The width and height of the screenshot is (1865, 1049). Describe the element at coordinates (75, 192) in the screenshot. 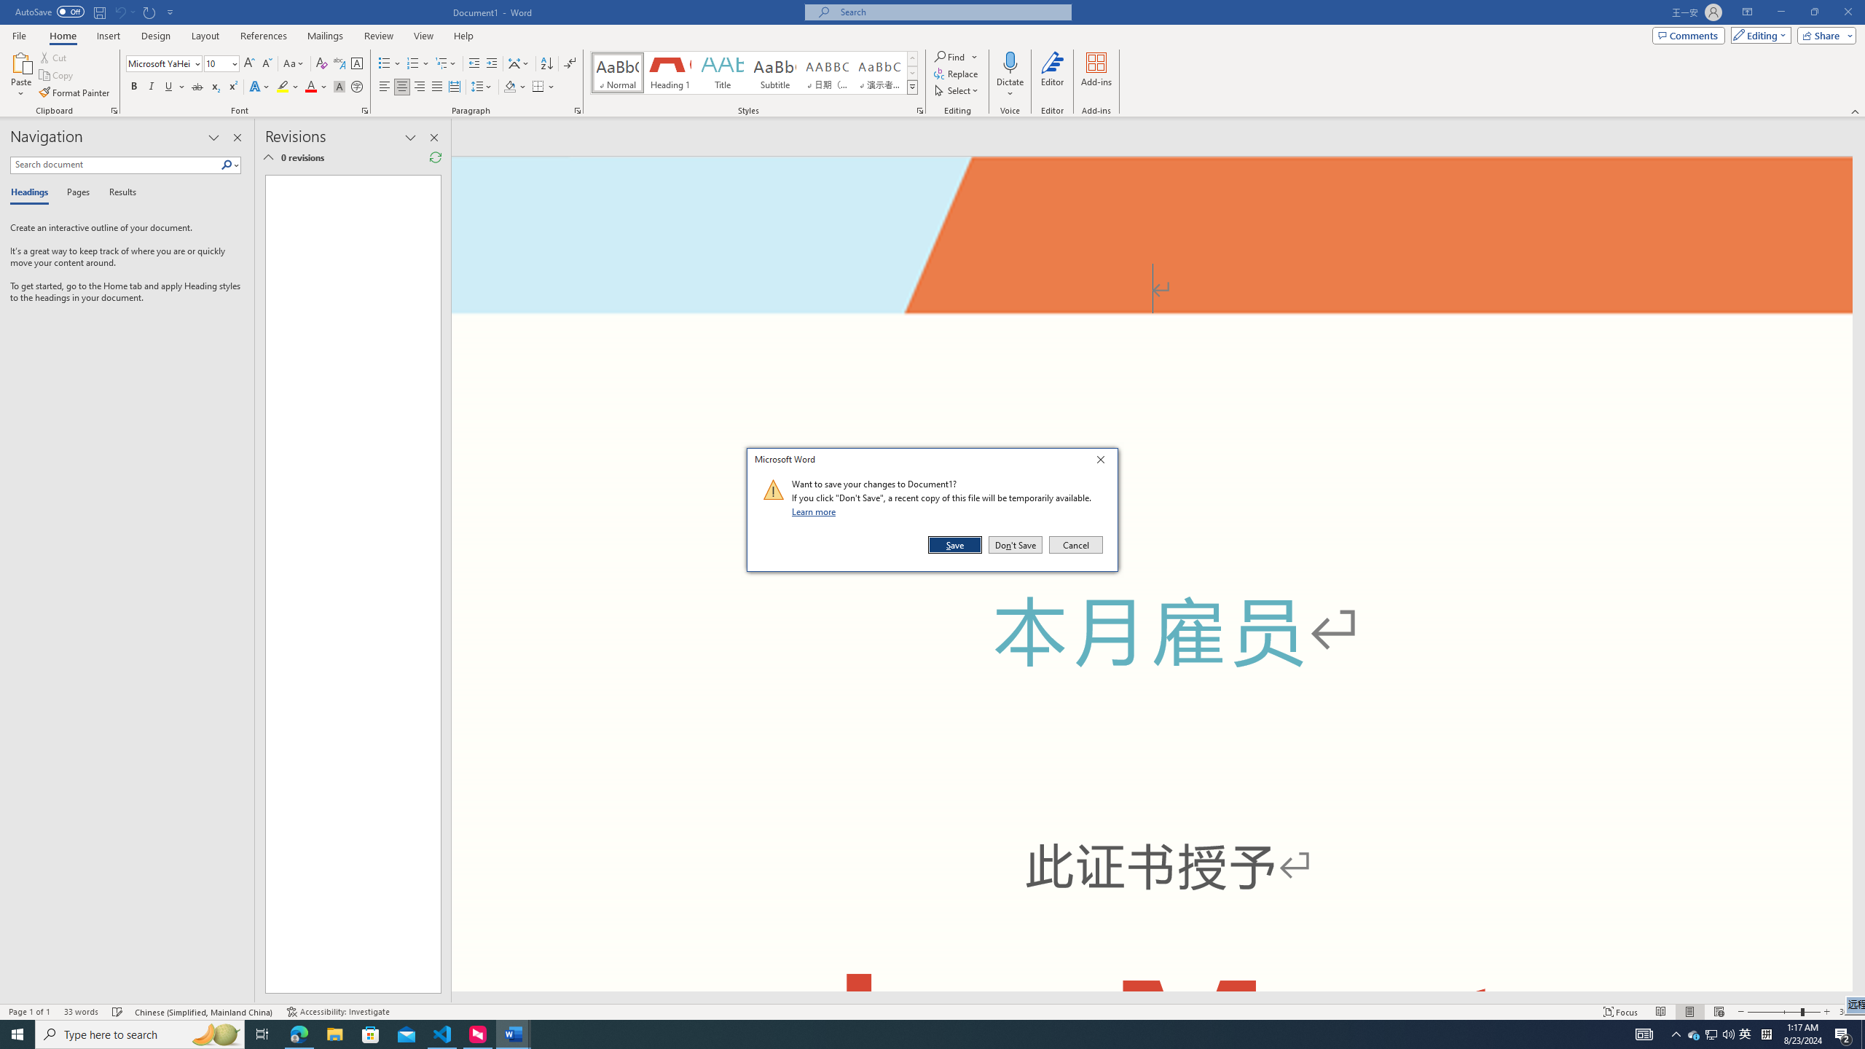

I see `'Pages'` at that location.